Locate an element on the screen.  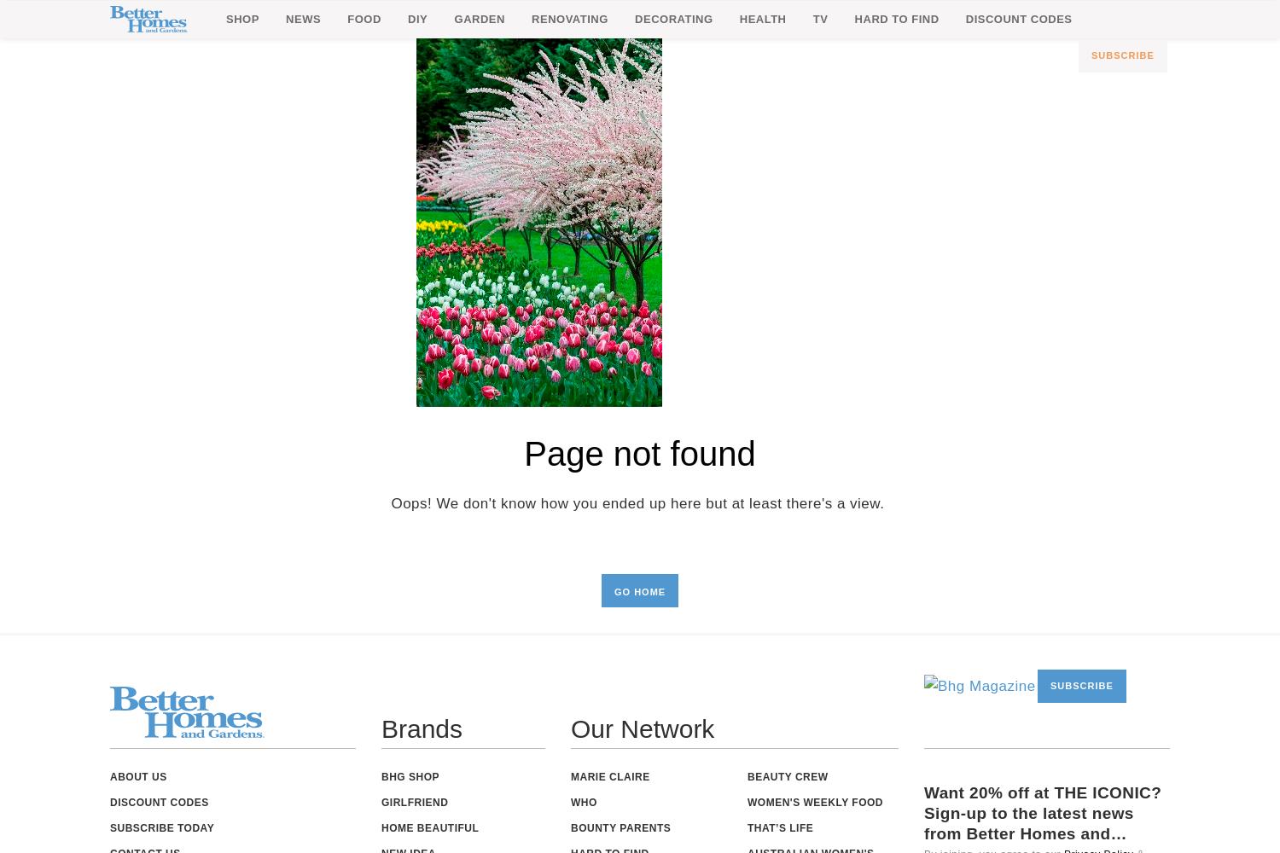
'BHG Shop' is located at coordinates (381, 777).